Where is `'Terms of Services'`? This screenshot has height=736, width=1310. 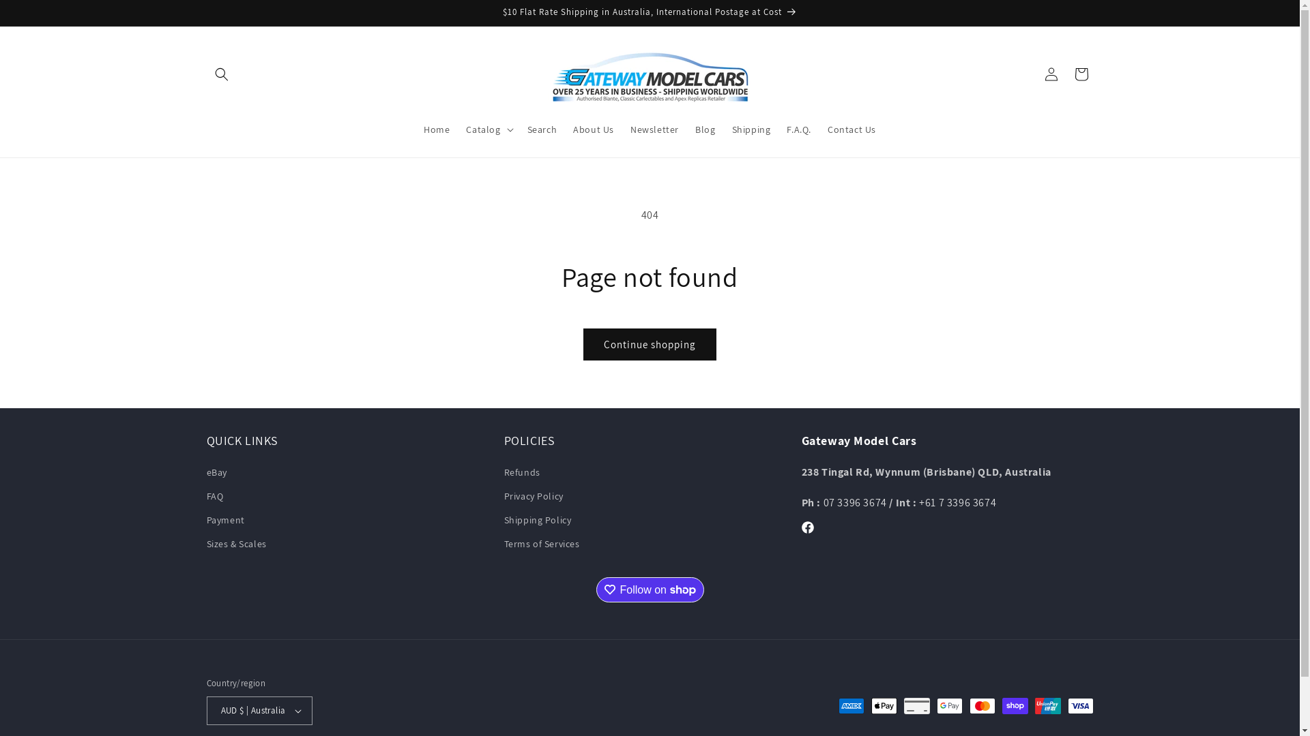
'Terms of Services' is located at coordinates (540, 543).